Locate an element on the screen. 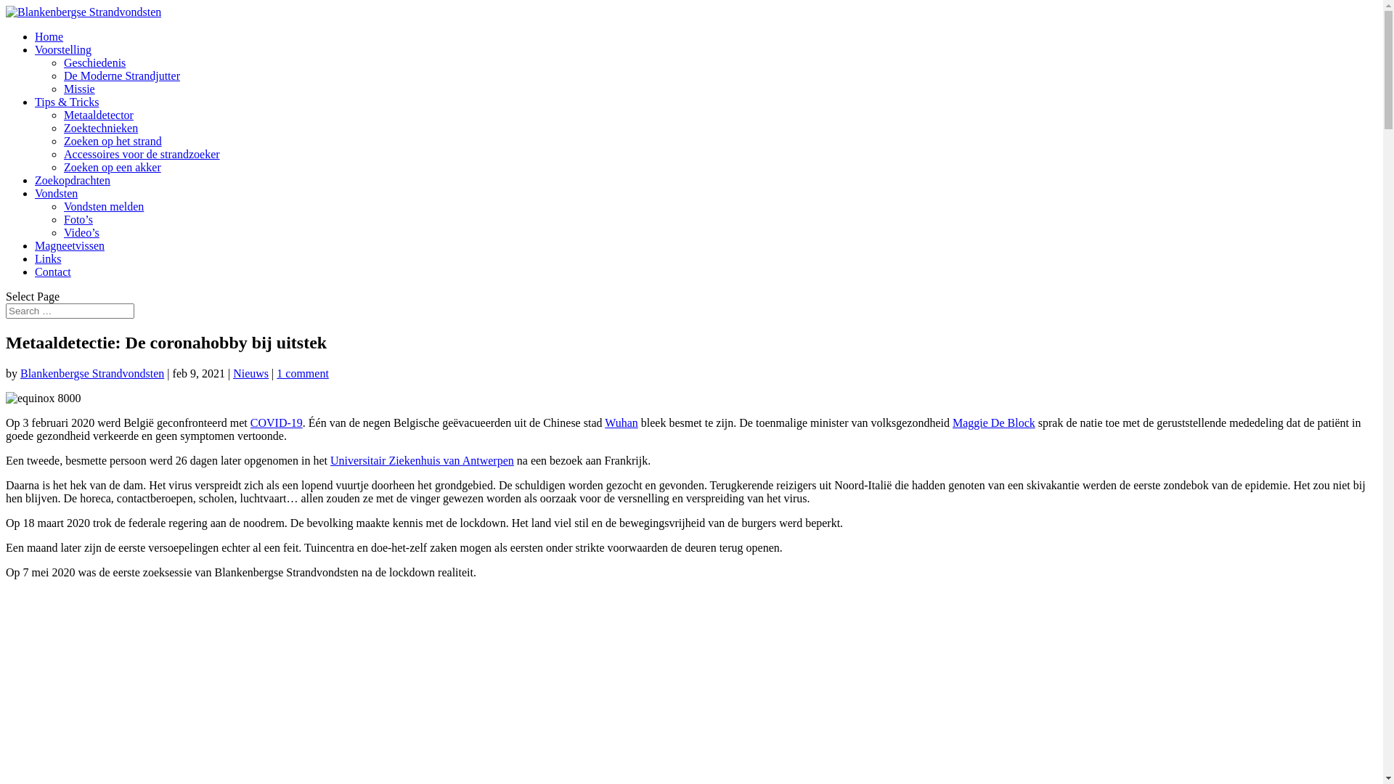  'Zoekopdrachten' is located at coordinates (72, 179).